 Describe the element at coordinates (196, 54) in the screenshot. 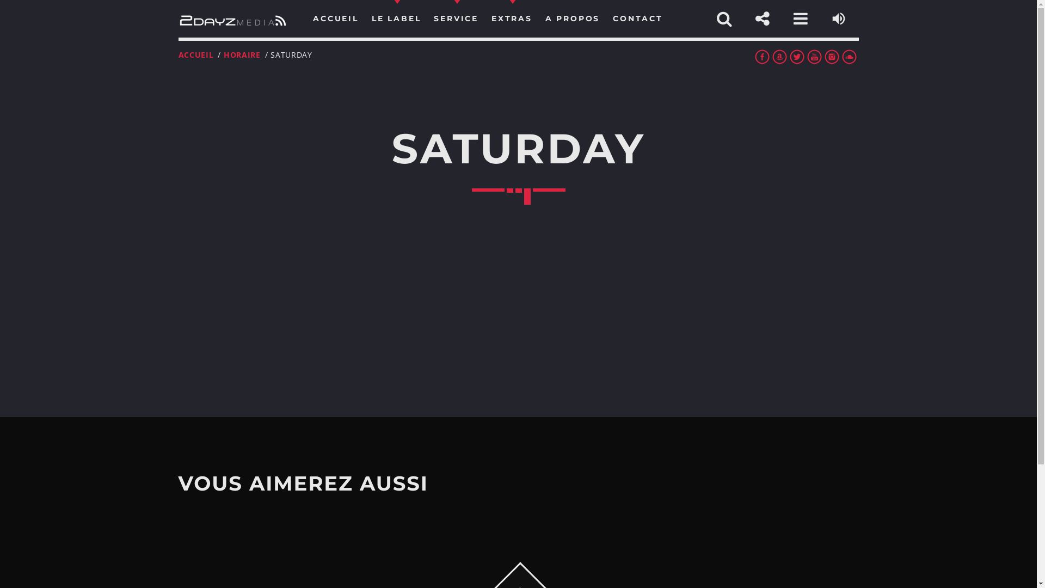

I see `'ACCUEIL'` at that location.